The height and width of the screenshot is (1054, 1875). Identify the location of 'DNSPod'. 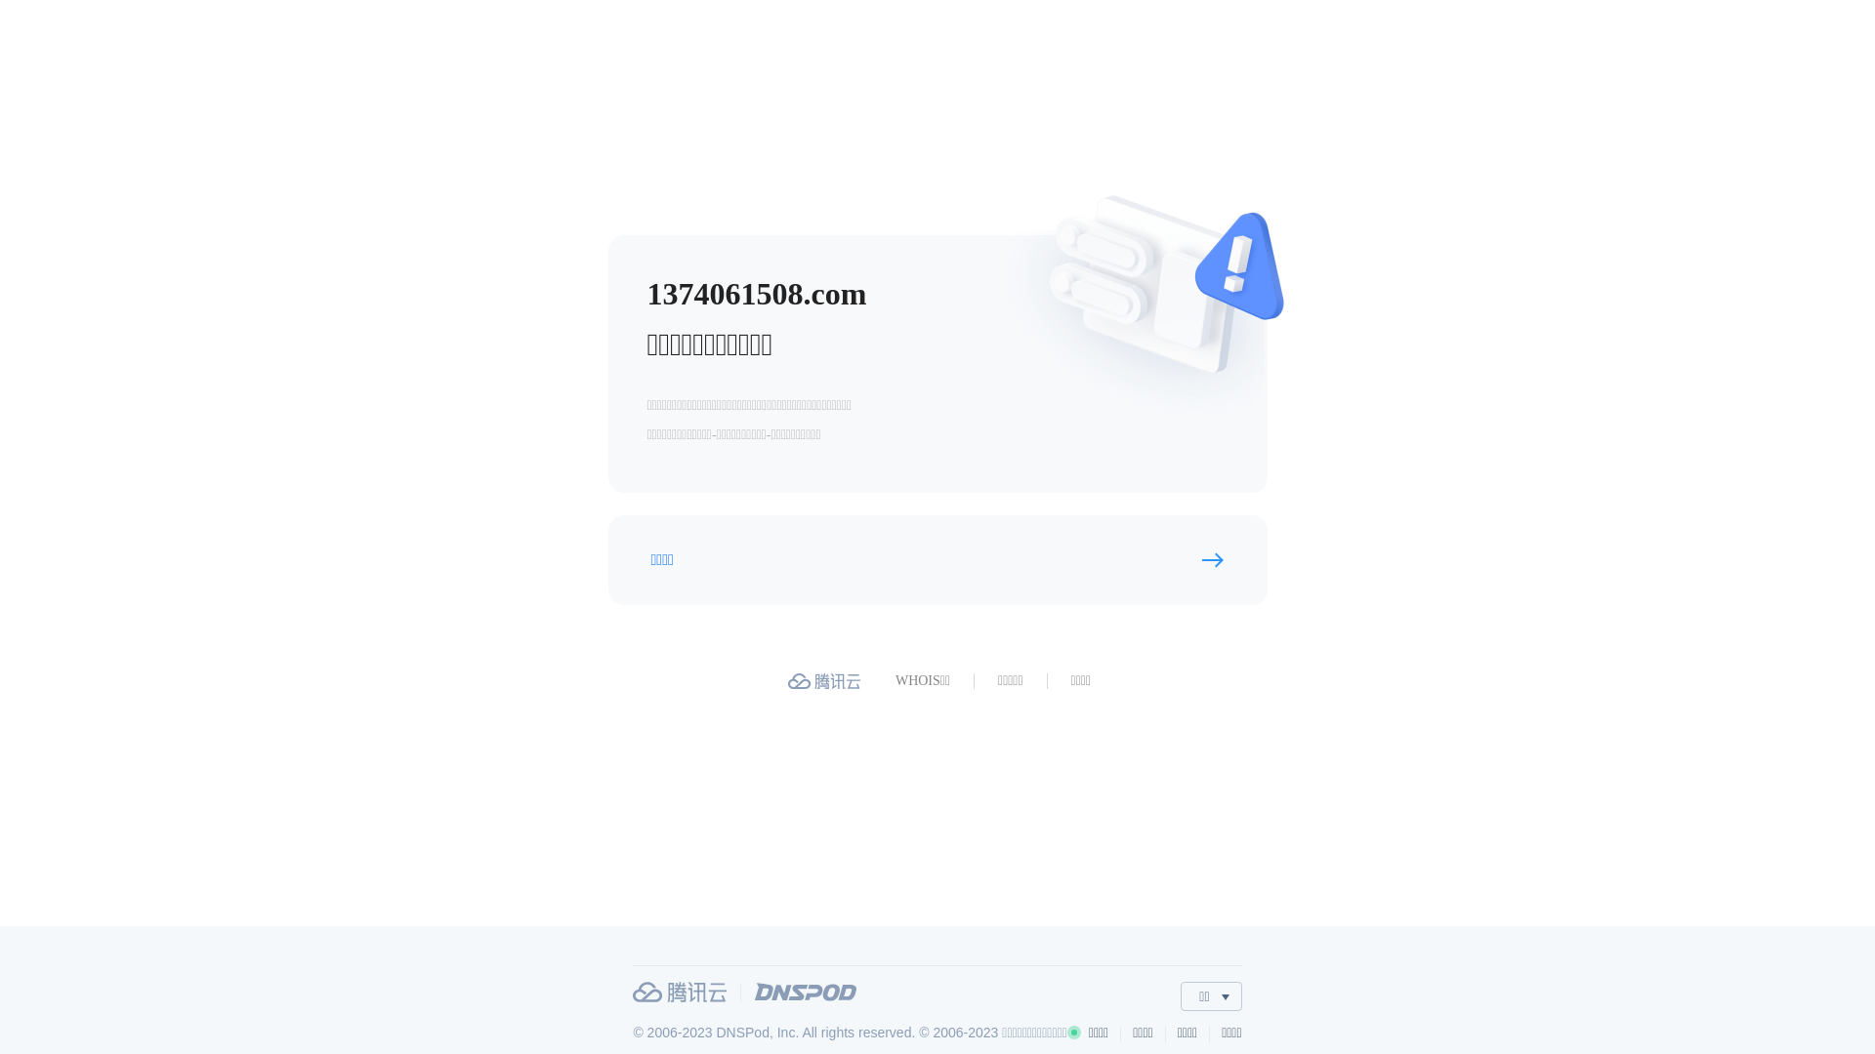
(806, 992).